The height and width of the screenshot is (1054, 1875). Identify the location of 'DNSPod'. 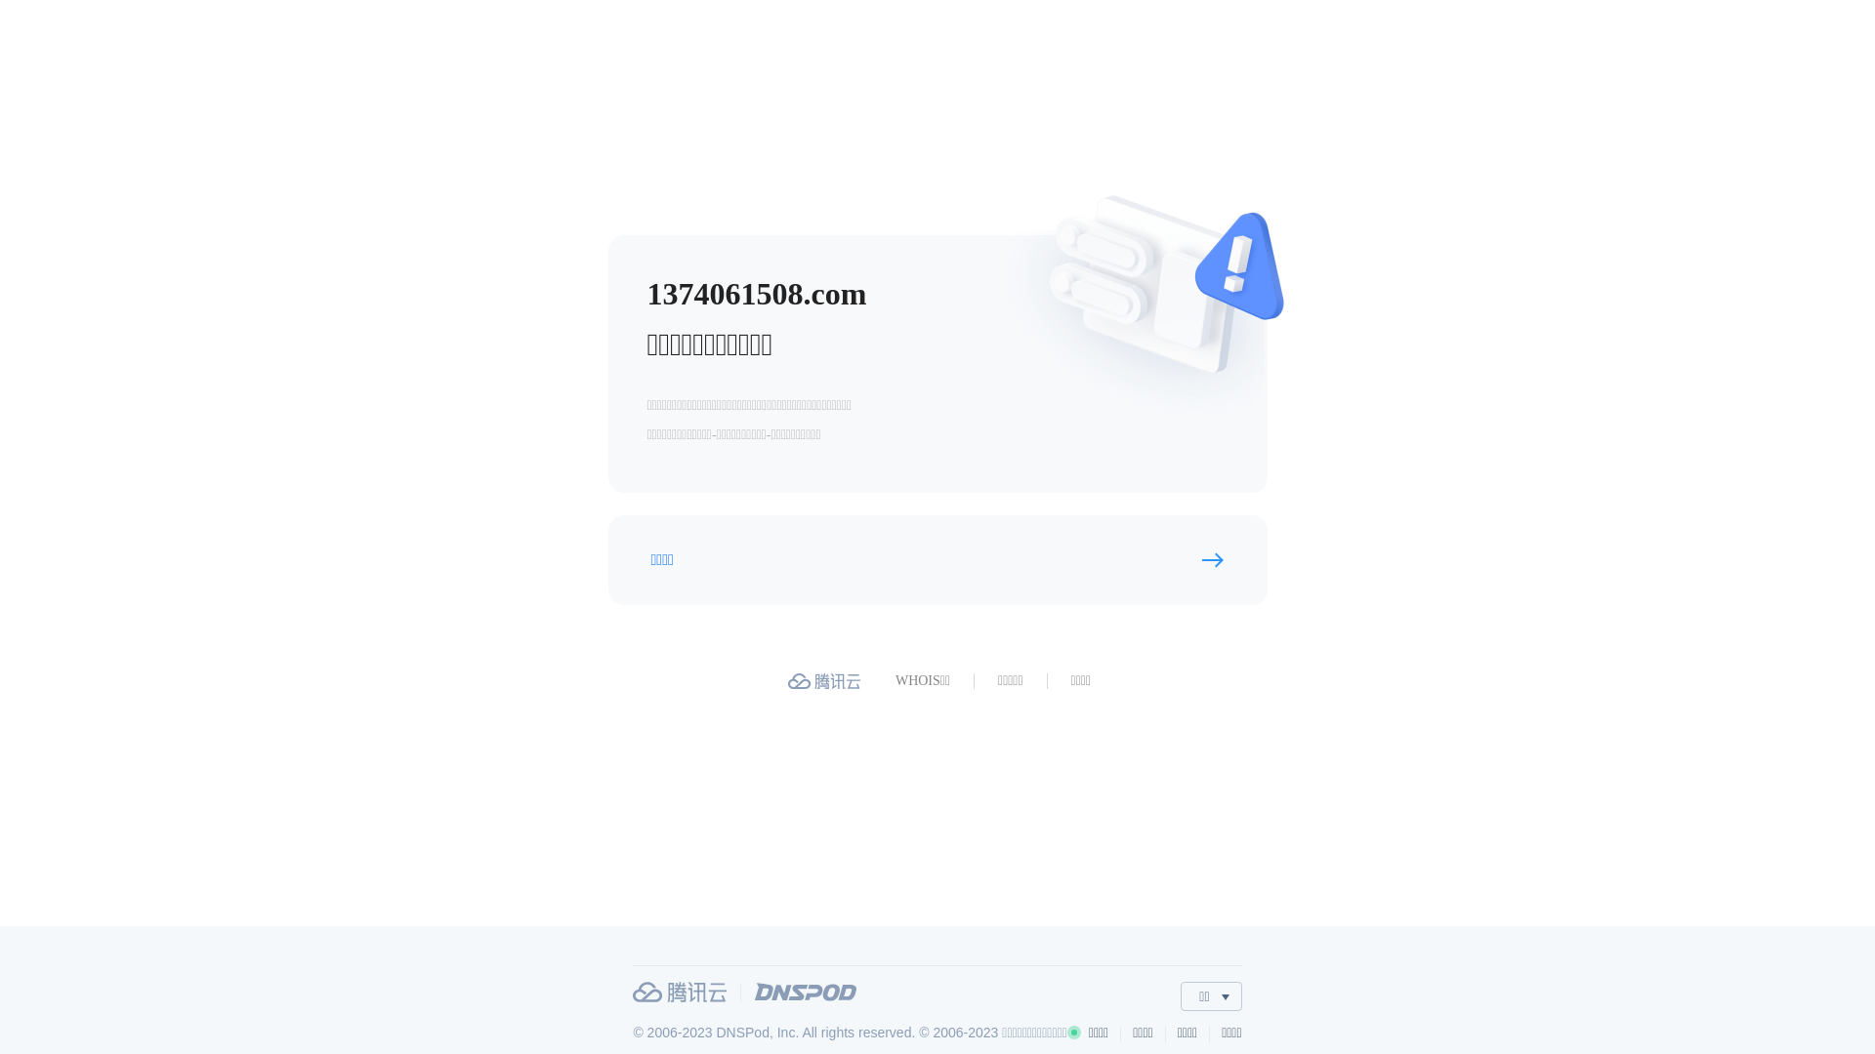
(806, 992).